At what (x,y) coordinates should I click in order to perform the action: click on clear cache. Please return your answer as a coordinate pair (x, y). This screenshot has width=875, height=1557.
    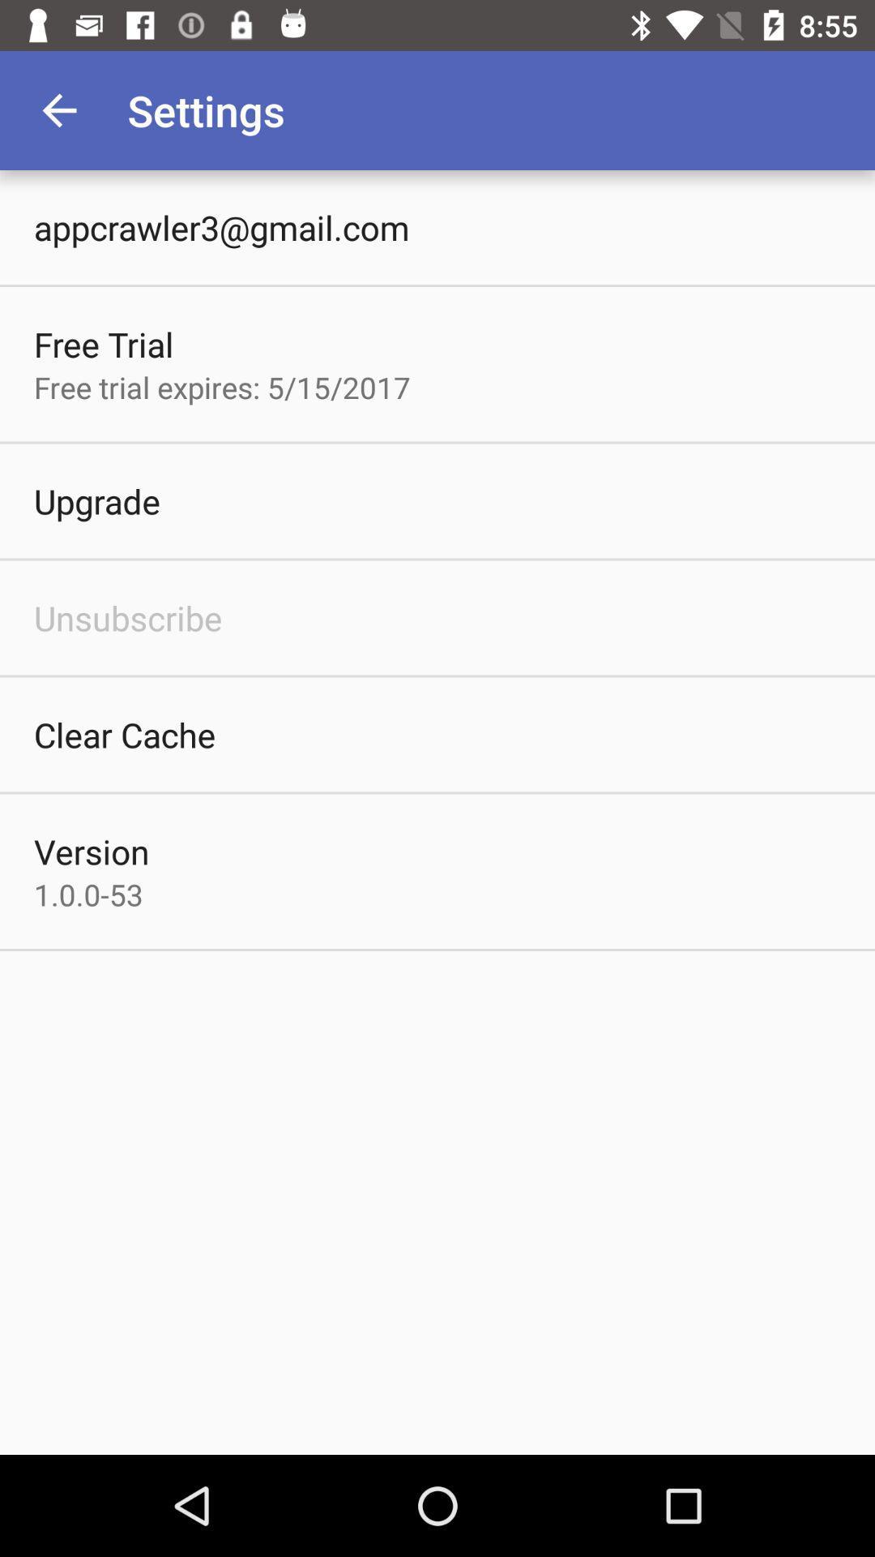
    Looking at the image, I should click on (124, 734).